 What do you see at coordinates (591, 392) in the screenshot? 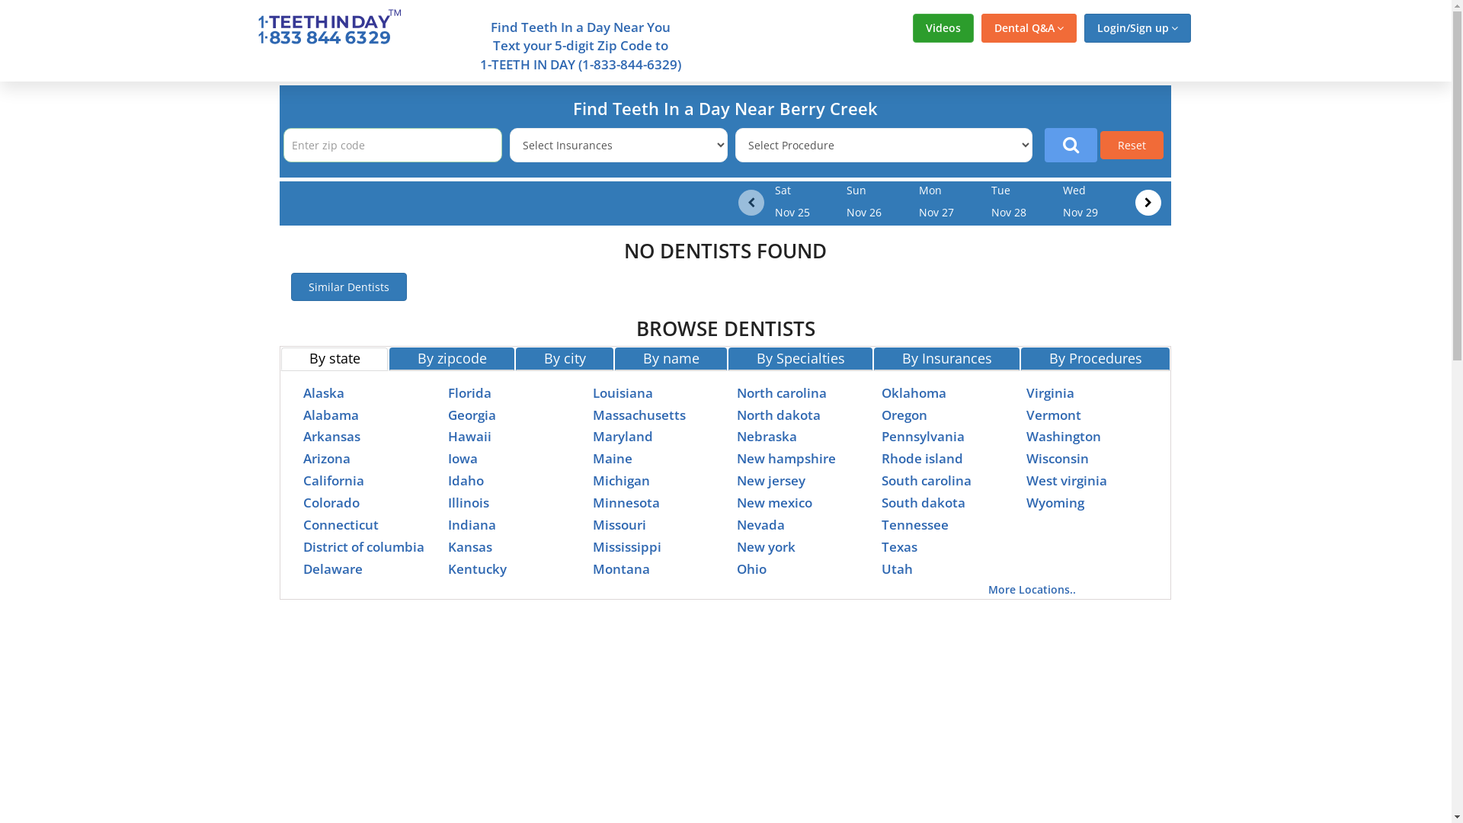
I see `'Louisiana'` at bounding box center [591, 392].